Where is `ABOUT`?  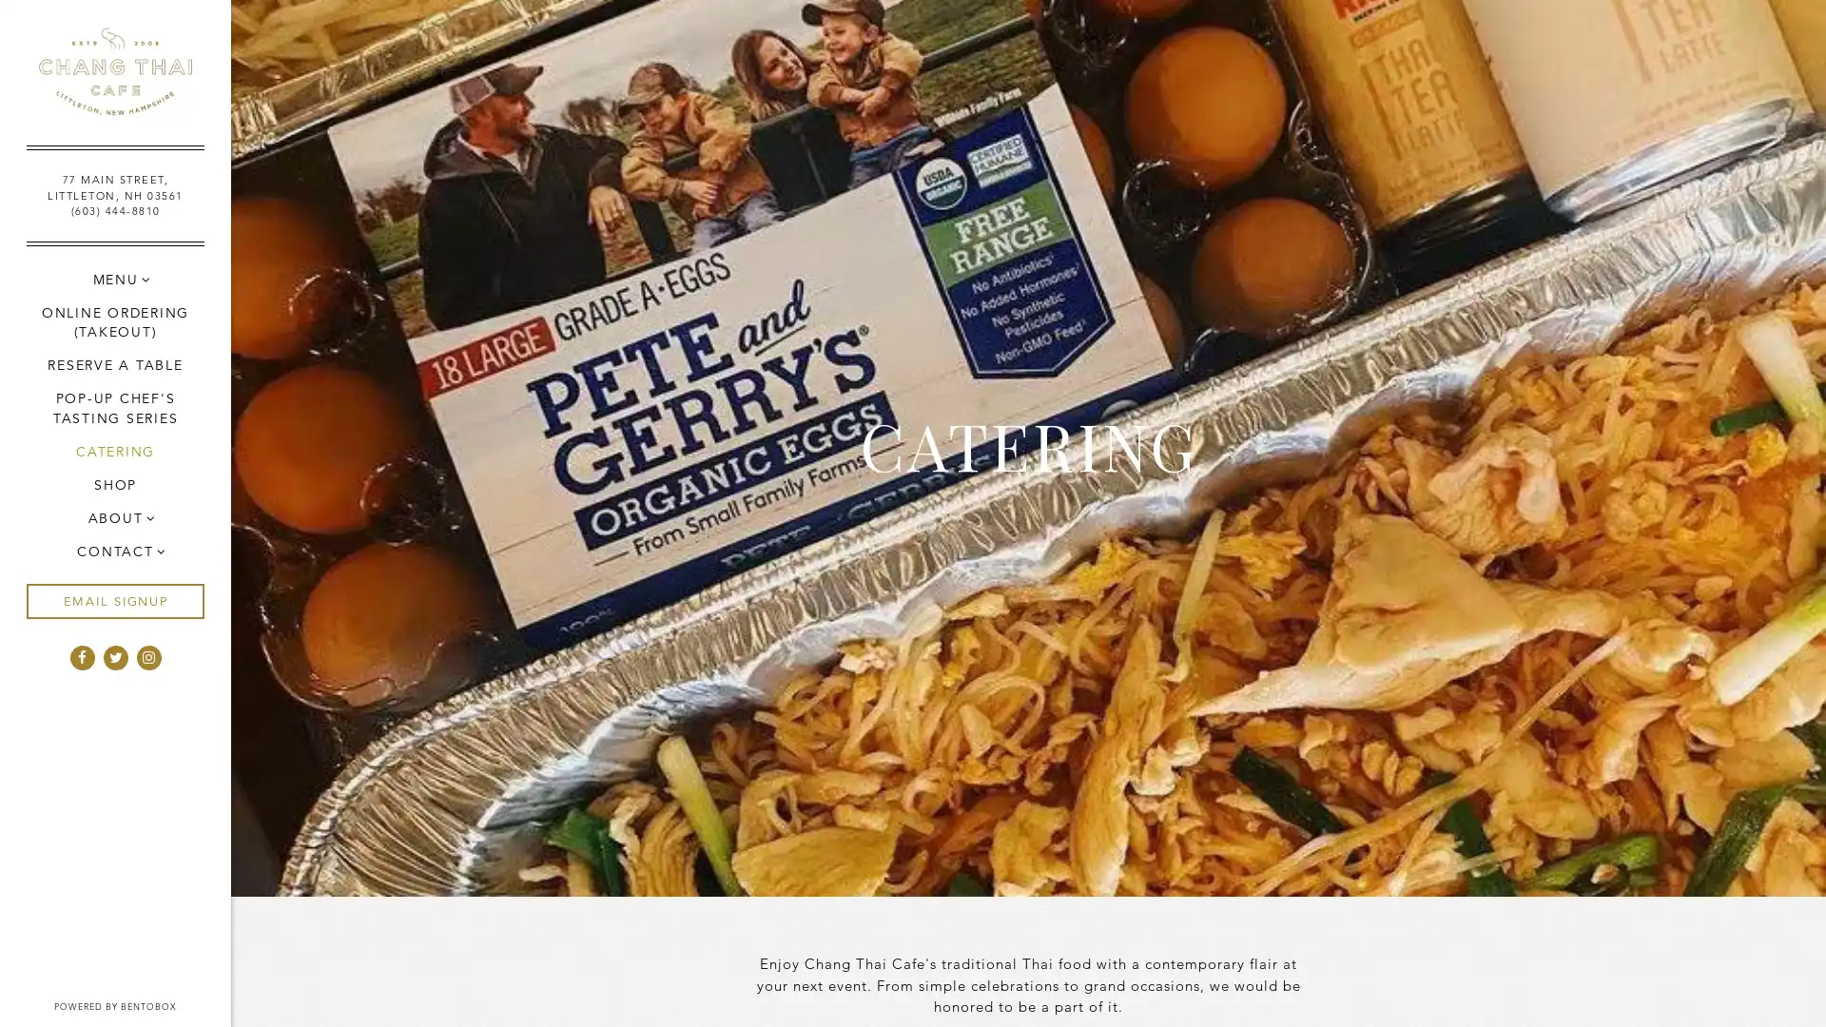 ABOUT is located at coordinates (113, 517).